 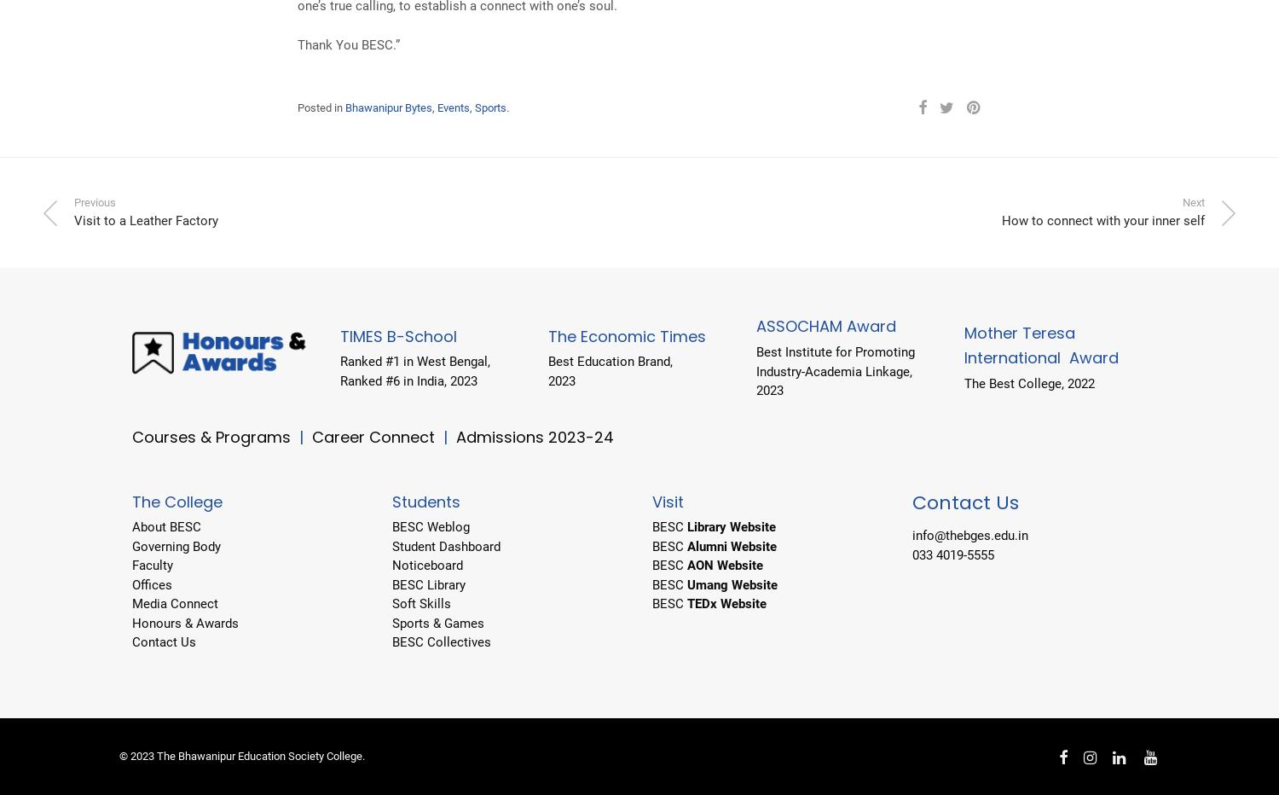 I want to click on 'BESC Library', so click(x=428, y=584).